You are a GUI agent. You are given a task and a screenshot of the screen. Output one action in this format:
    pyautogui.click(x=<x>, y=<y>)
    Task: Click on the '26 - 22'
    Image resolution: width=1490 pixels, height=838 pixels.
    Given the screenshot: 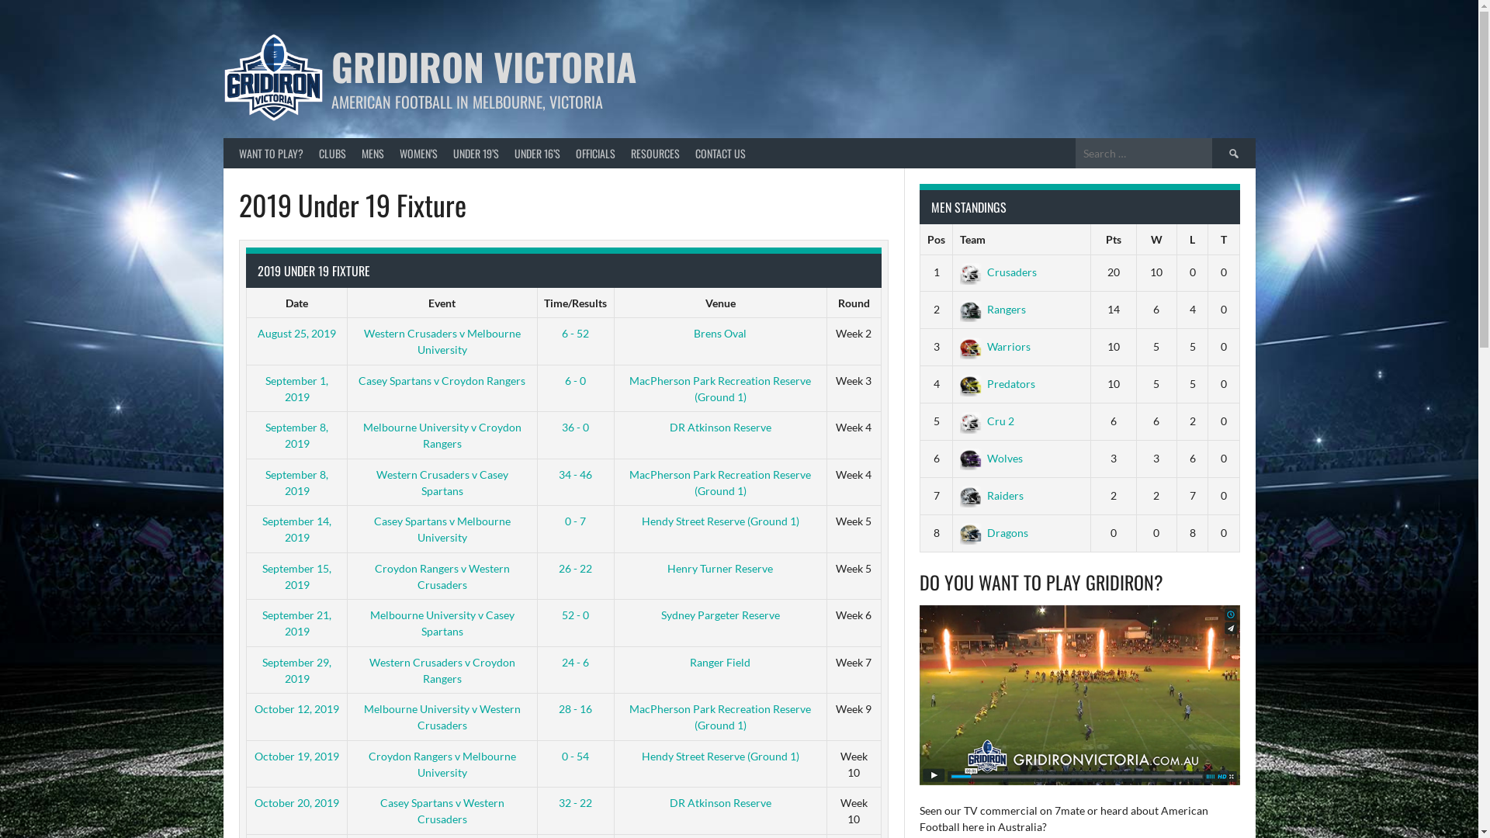 What is the action you would take?
    pyautogui.click(x=574, y=568)
    